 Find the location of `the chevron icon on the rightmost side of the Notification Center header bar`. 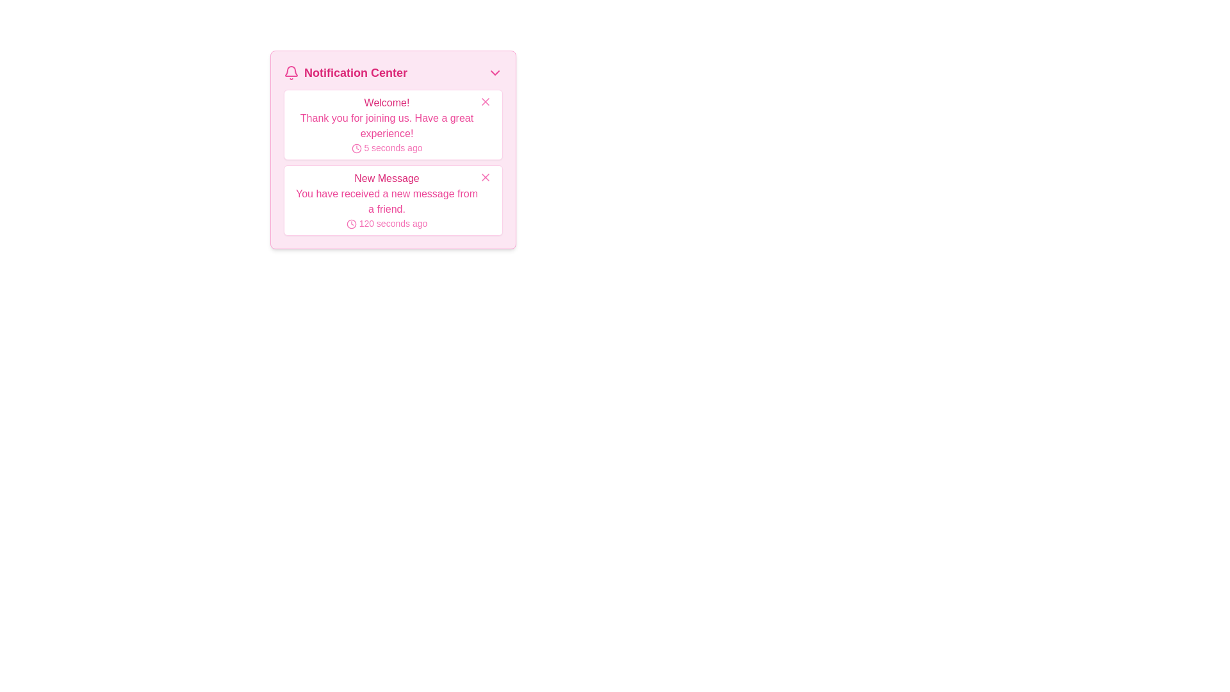

the chevron icon on the rightmost side of the Notification Center header bar is located at coordinates (494, 73).